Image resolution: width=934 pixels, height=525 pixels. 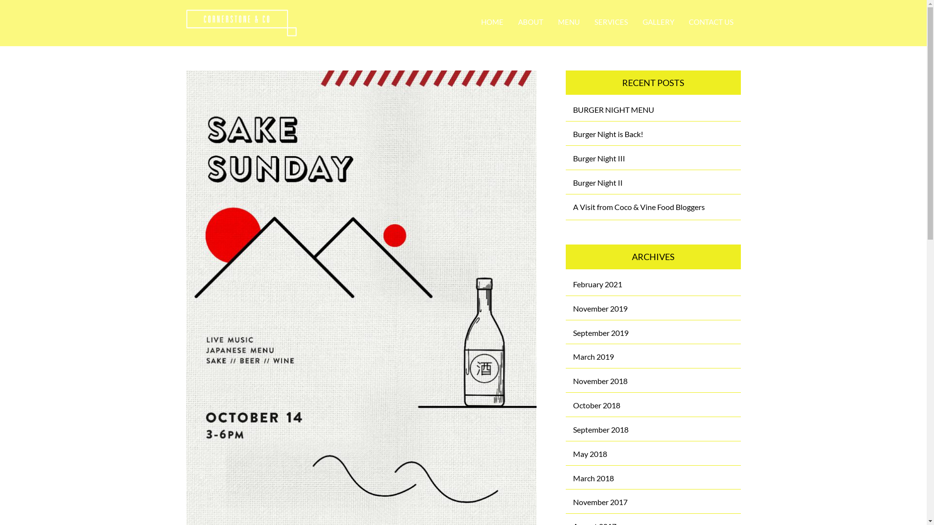 I want to click on 'November 2019', so click(x=599, y=308).